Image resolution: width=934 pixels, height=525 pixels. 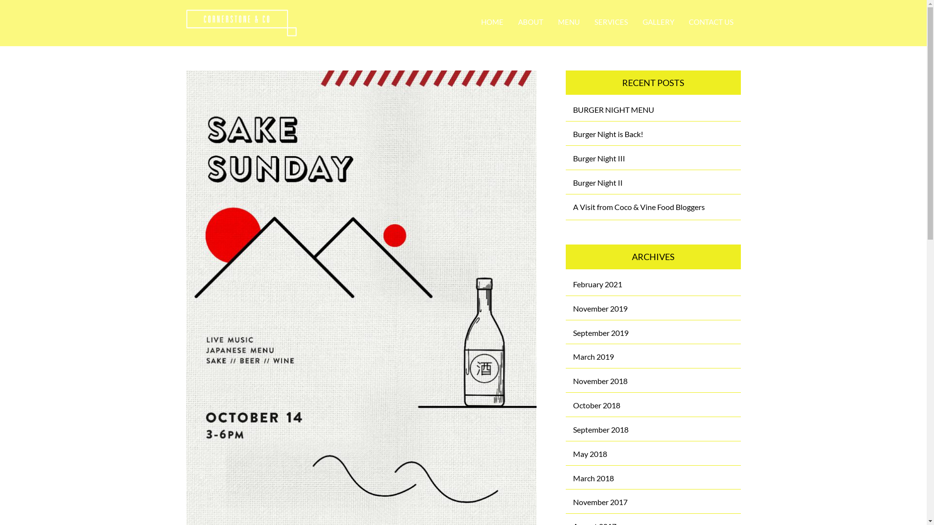 I want to click on 'November 2019', so click(x=599, y=308).